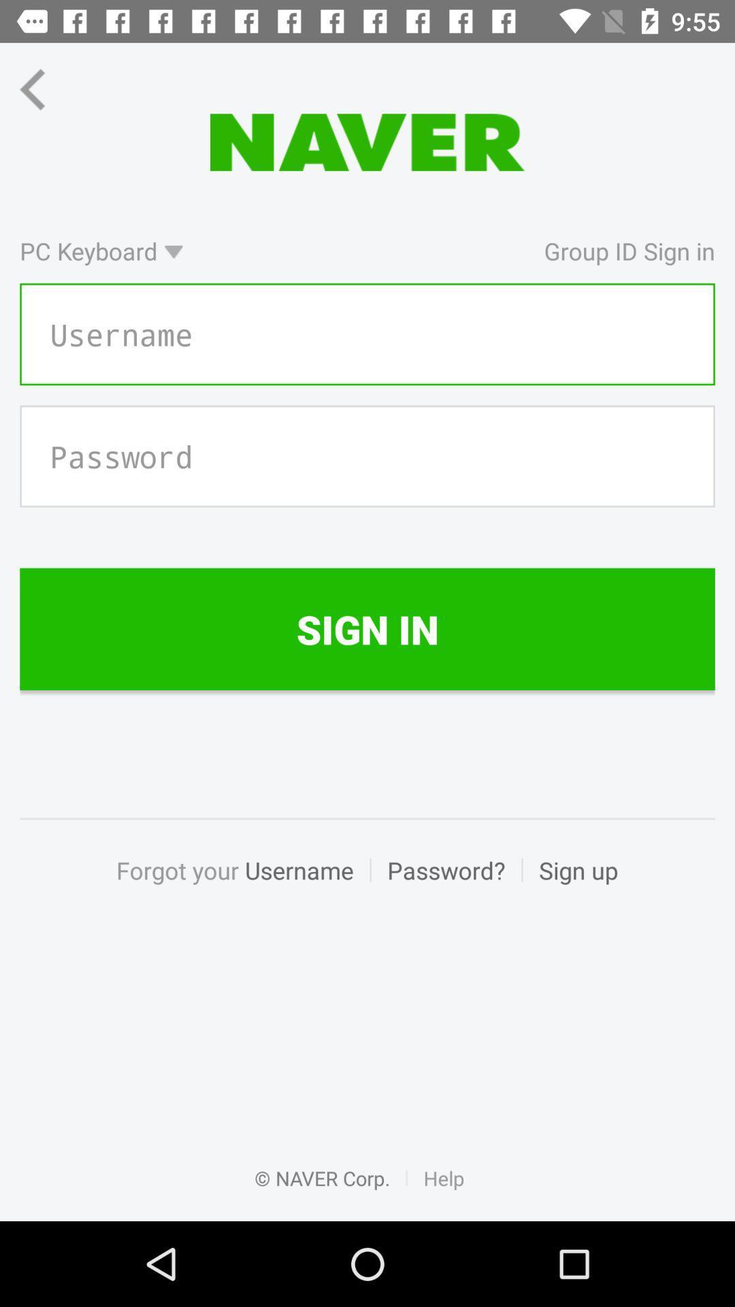 Image resolution: width=735 pixels, height=1307 pixels. I want to click on the forgot your username at the bottom left corner, so click(242, 885).